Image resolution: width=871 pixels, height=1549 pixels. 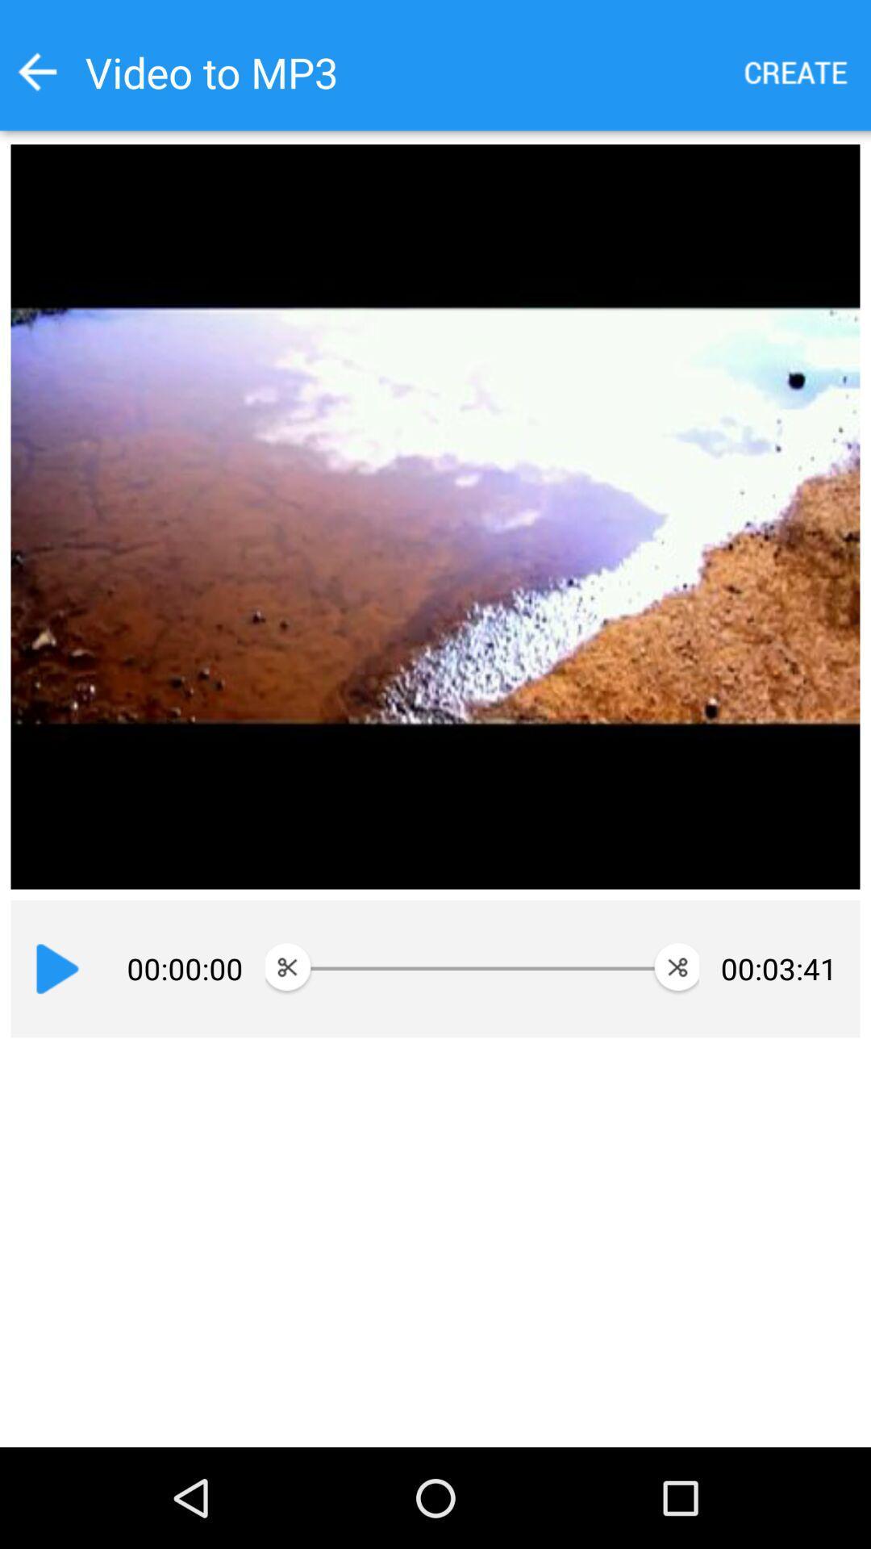 I want to click on icon next to the video to mp3 item, so click(x=796, y=71).